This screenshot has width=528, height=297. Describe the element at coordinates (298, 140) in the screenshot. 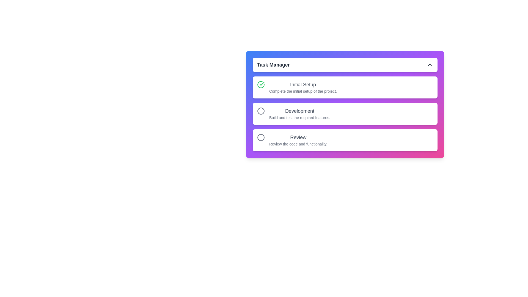

I see `the text of the description for the task Review` at that location.